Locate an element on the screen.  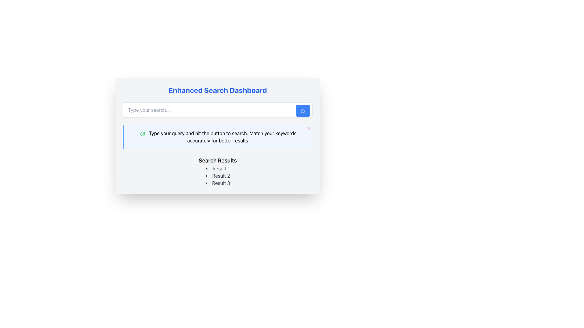
text content of the second search result entry, which is titled 'Result 2', located under the 'Search Results' heading is located at coordinates (217, 176).